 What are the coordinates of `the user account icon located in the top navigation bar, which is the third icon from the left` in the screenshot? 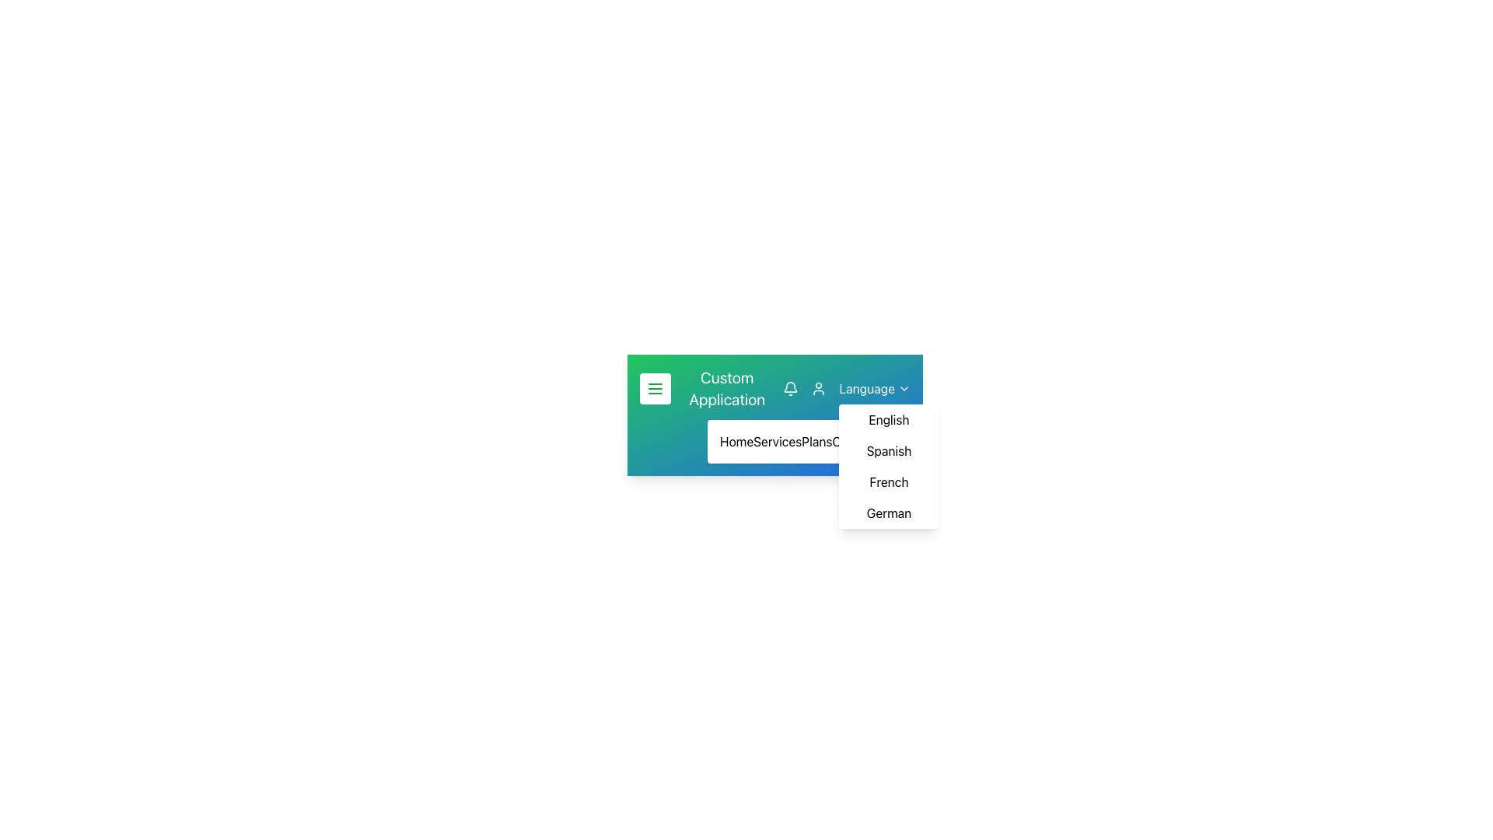 It's located at (818, 388).